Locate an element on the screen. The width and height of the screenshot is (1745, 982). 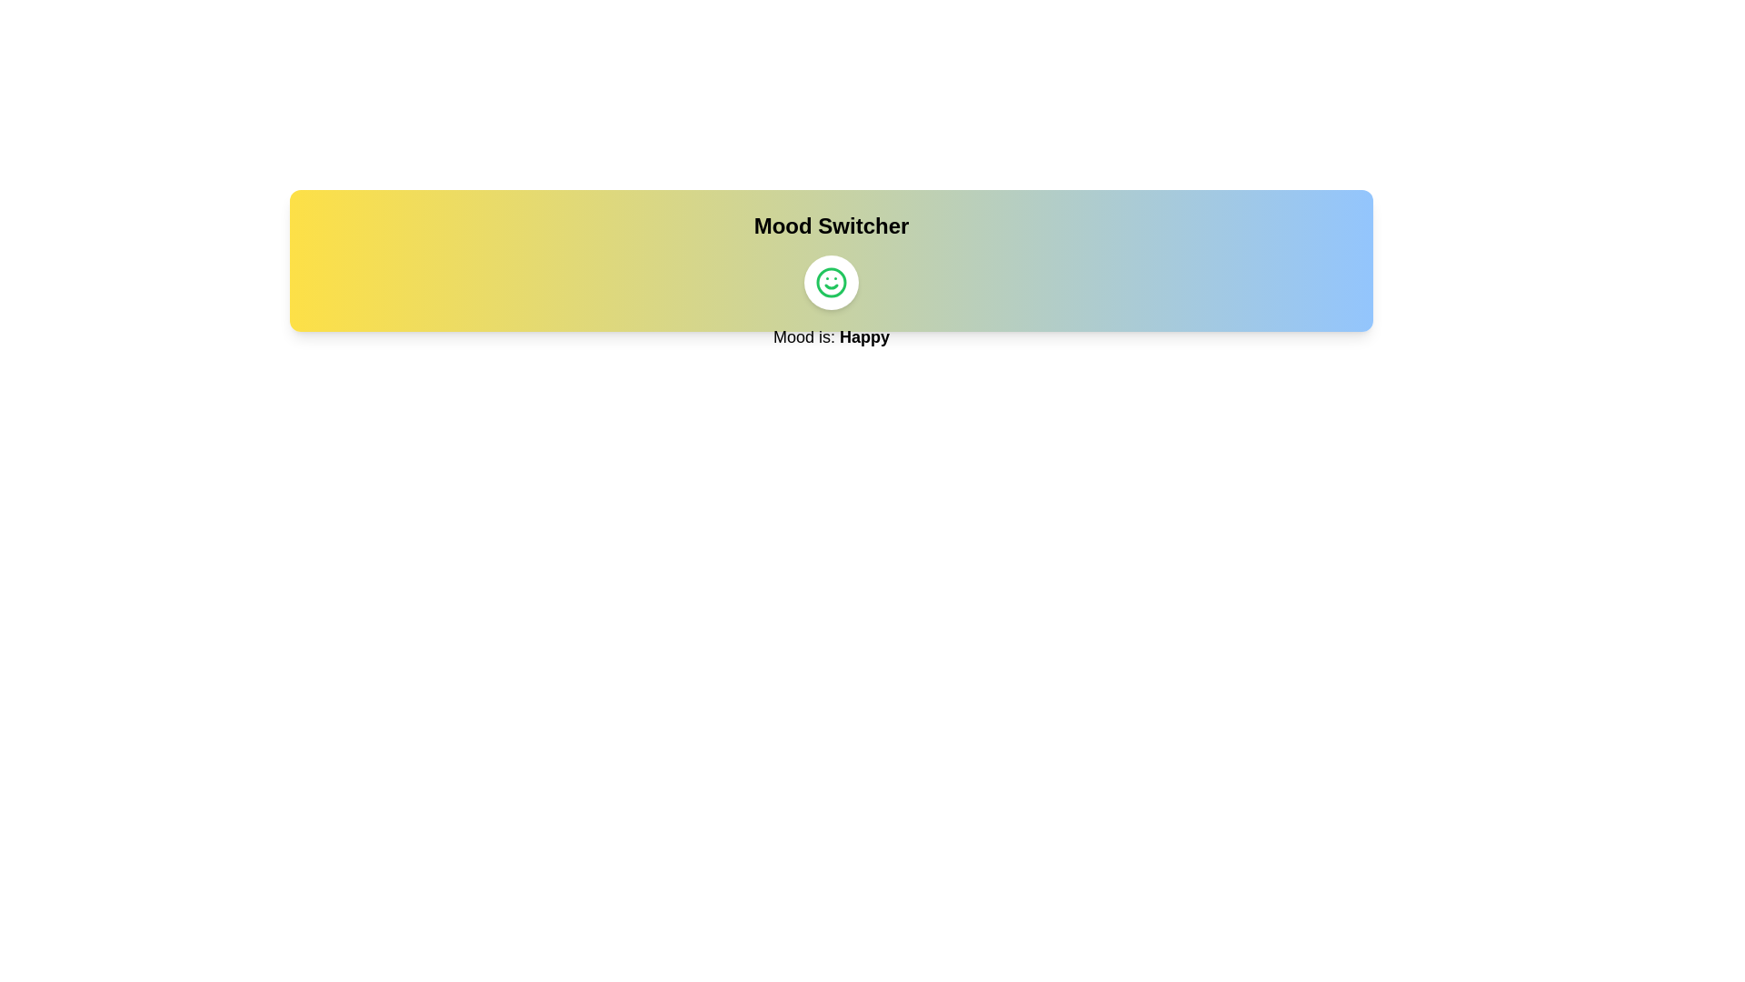
toggle button to switch the mood is located at coordinates (831, 283).